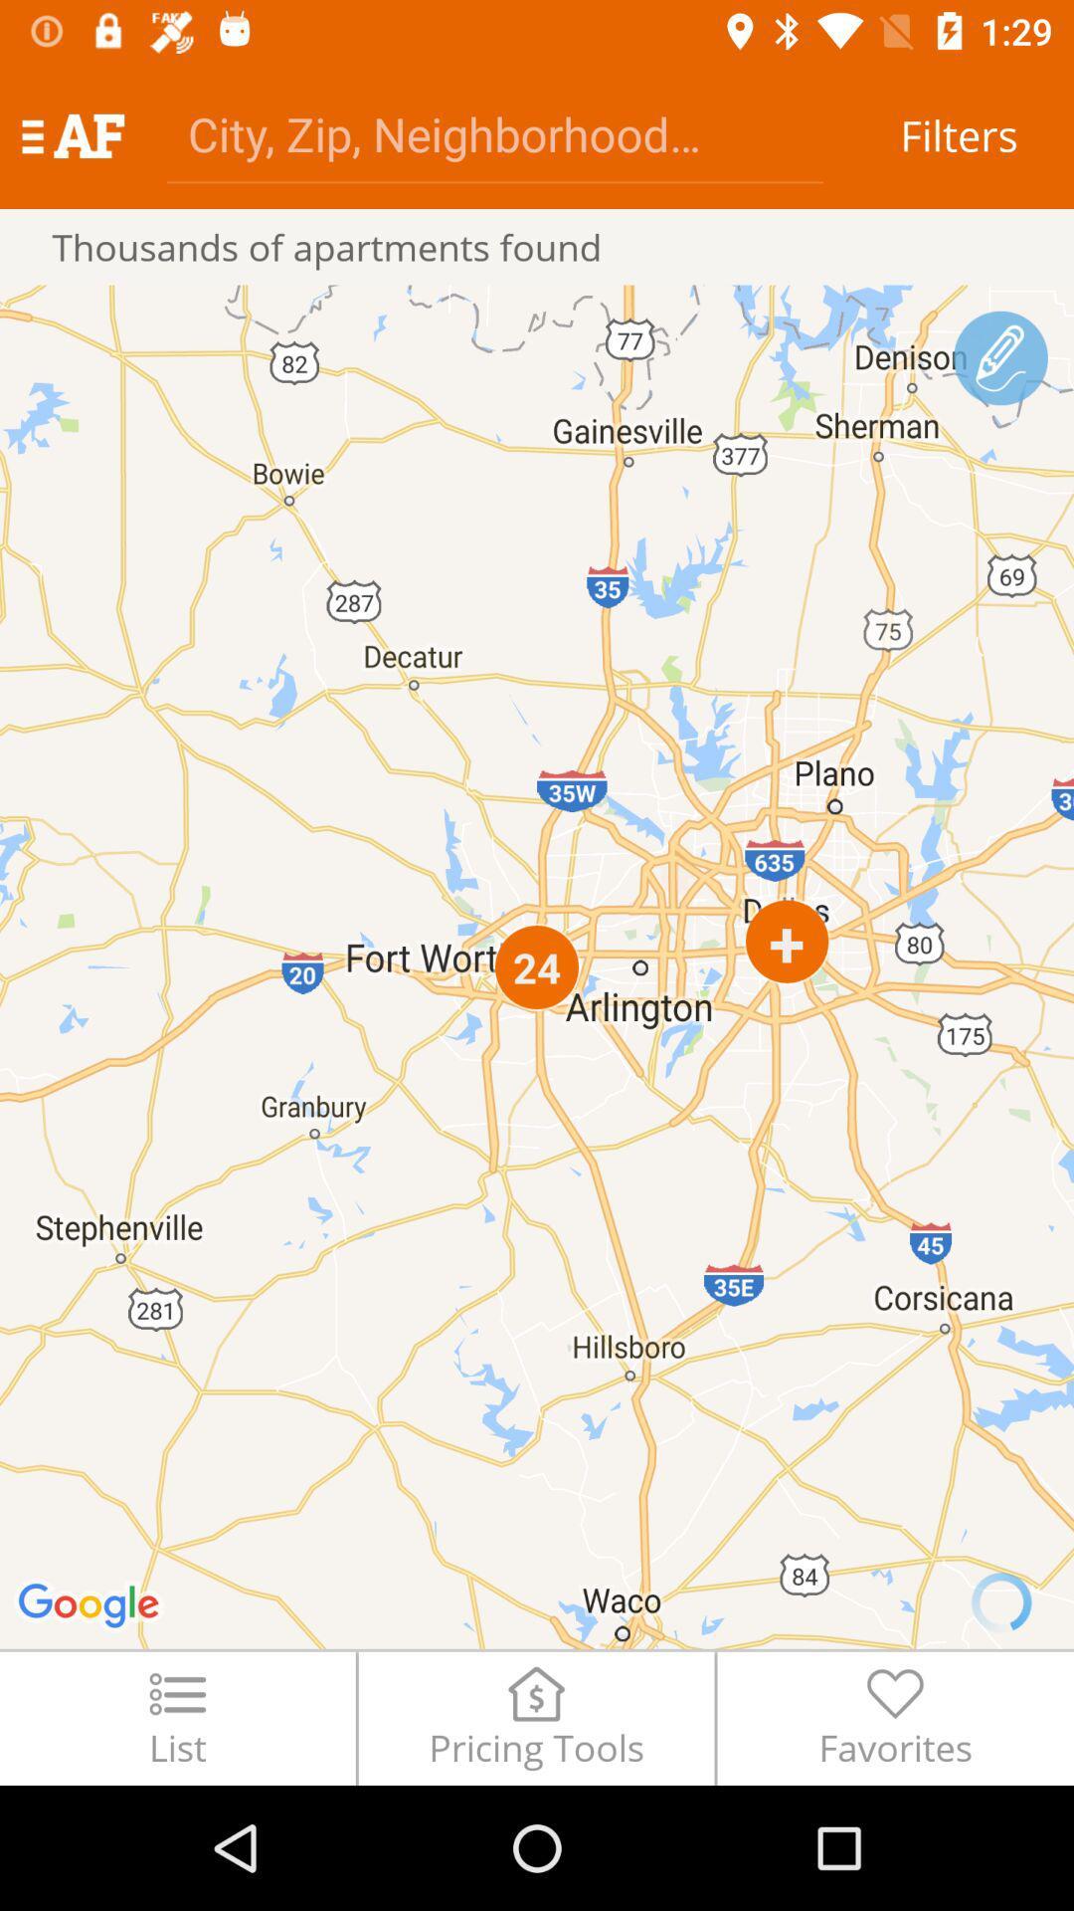  What do you see at coordinates (535, 1717) in the screenshot?
I see `the item next to the favorites icon` at bounding box center [535, 1717].